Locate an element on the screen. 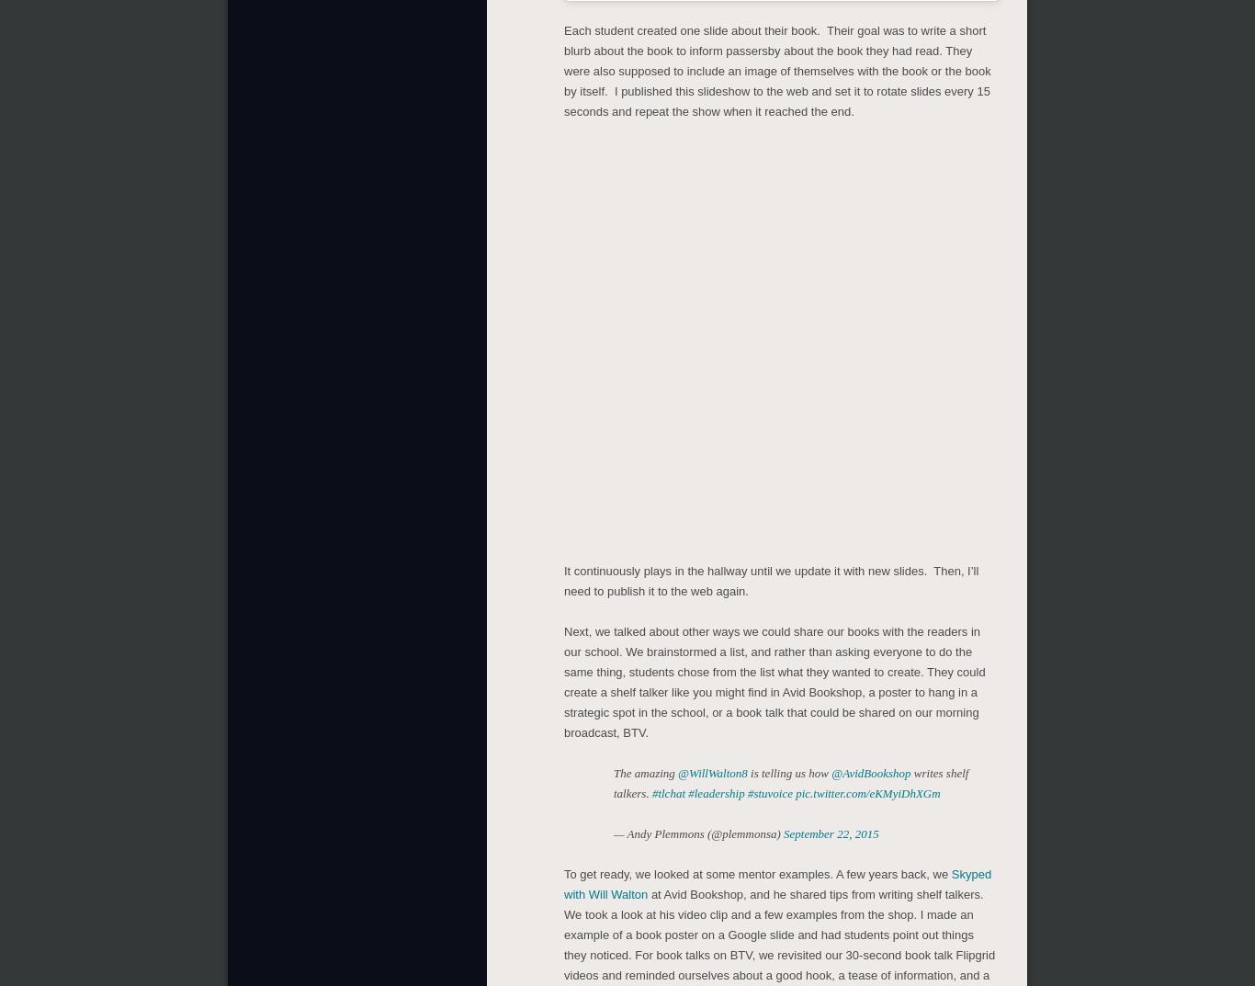 This screenshot has height=986, width=1255. '#leadership' is located at coordinates (716, 792).